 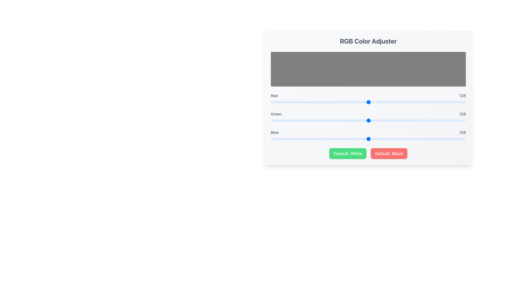 What do you see at coordinates (368, 95) in the screenshot?
I see `the Display bar labeled 'Red' with the value '128', which is the second item under the 'RGB Color Adjuster' heading` at bounding box center [368, 95].